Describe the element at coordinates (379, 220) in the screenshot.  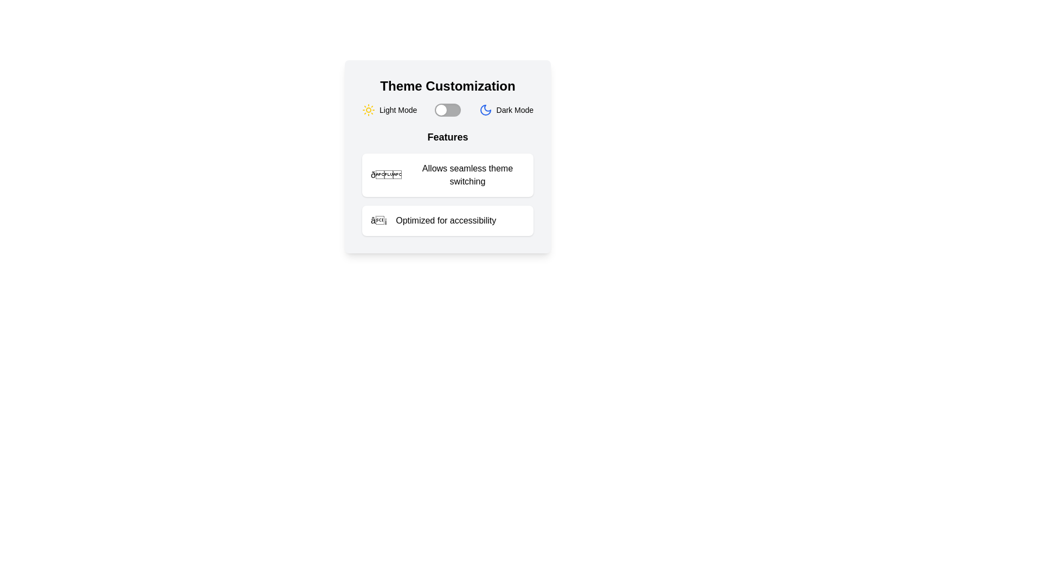
I see `the visual indicator icon located in the lower feature box of the 'Features' section, to the left of the text 'Optimized for accessibility.'` at that location.